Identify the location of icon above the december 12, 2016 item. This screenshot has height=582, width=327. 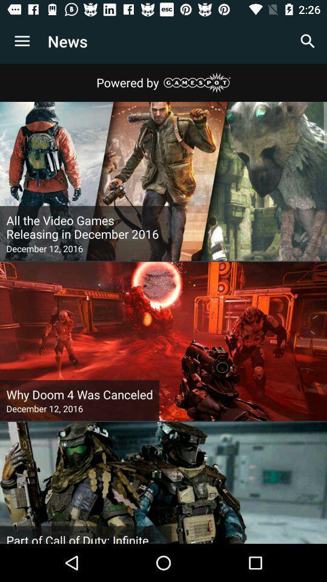
(79, 393).